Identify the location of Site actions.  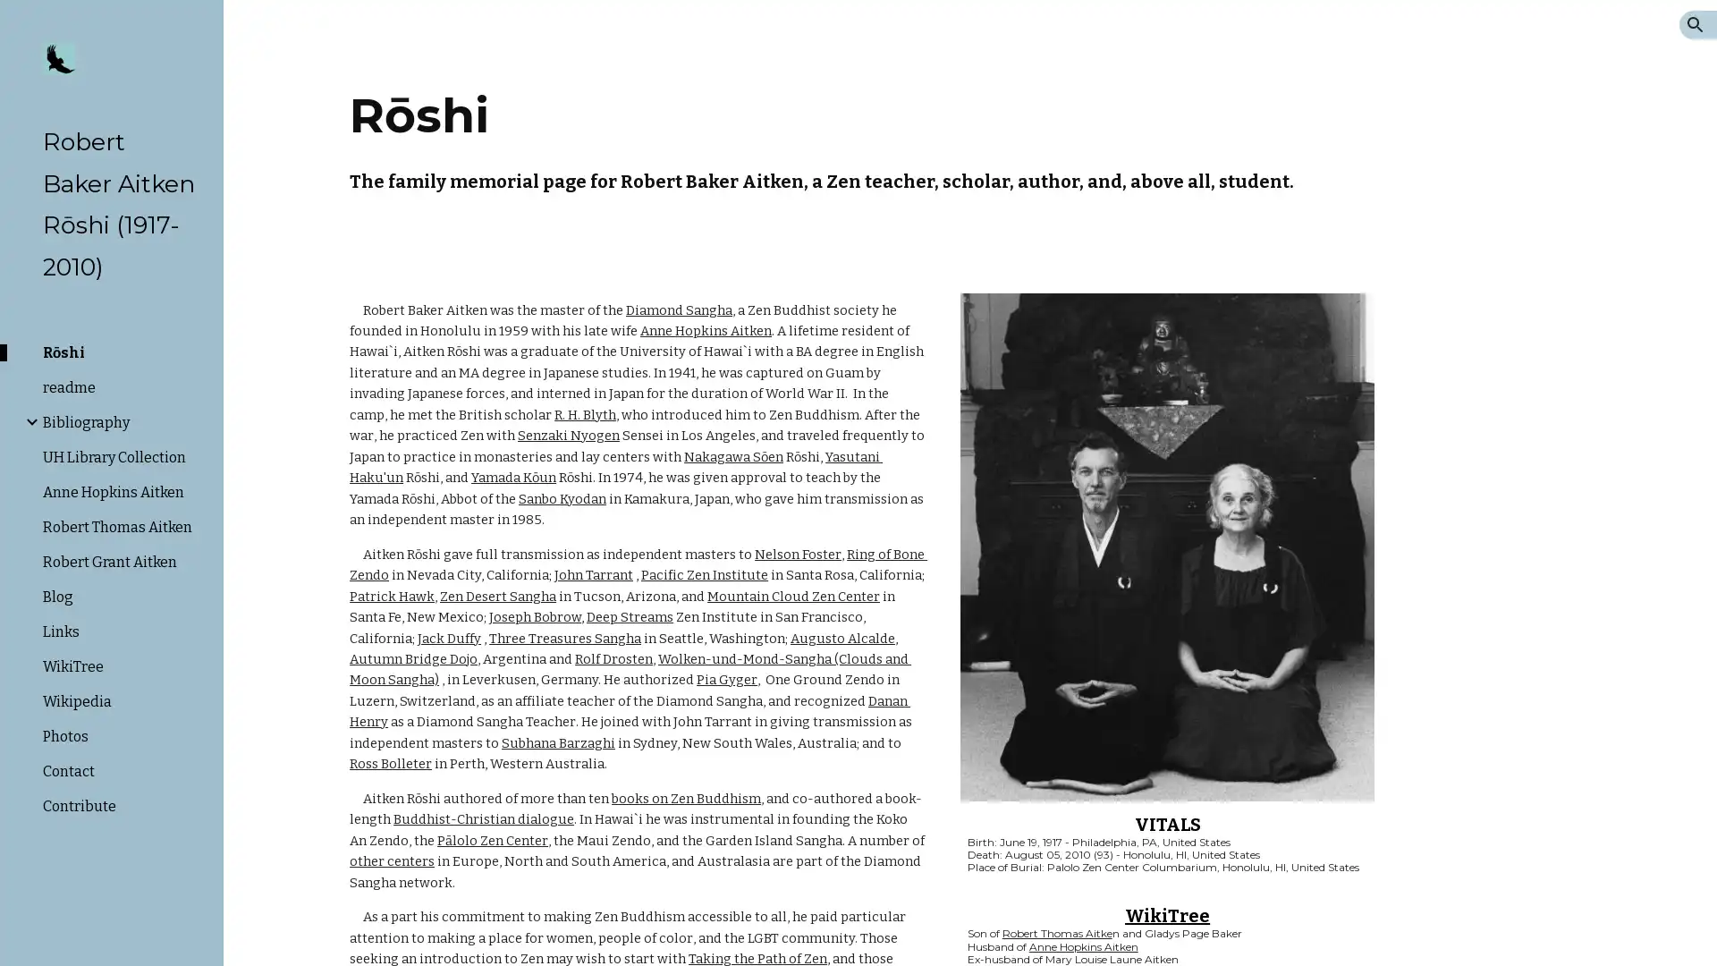
(255, 934).